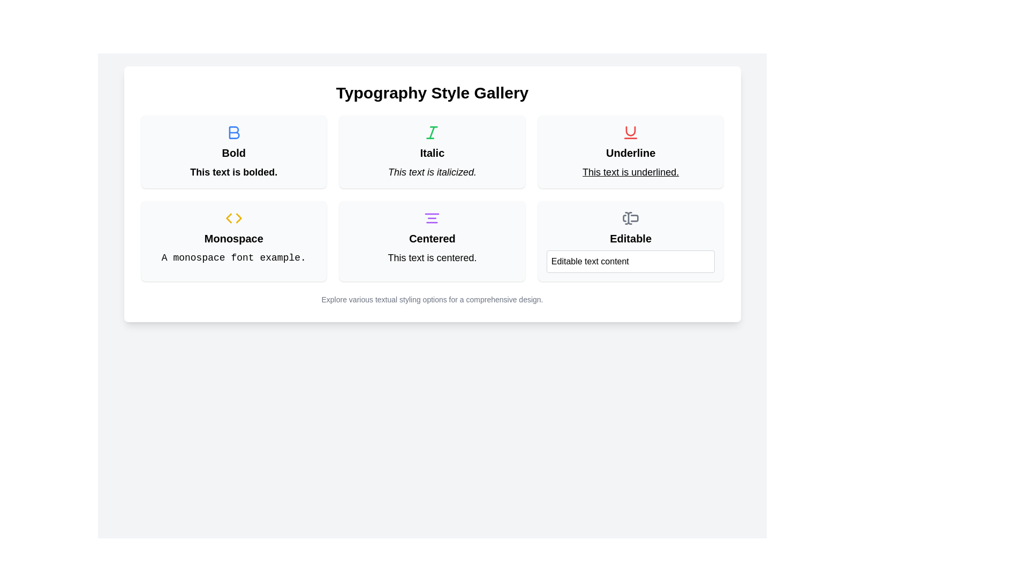 The image size is (1028, 578). Describe the element at coordinates (432, 241) in the screenshot. I see `the Informational panel, which has a light gray background, rounded corners, and contains the title 'Centered' and description 'This text is centered.'` at that location.